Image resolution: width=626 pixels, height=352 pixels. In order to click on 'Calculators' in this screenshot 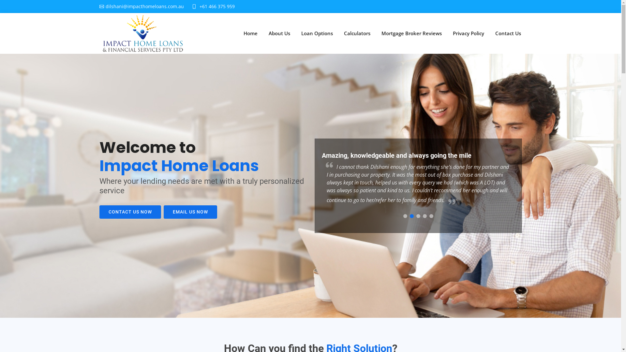, I will do `click(357, 33)`.